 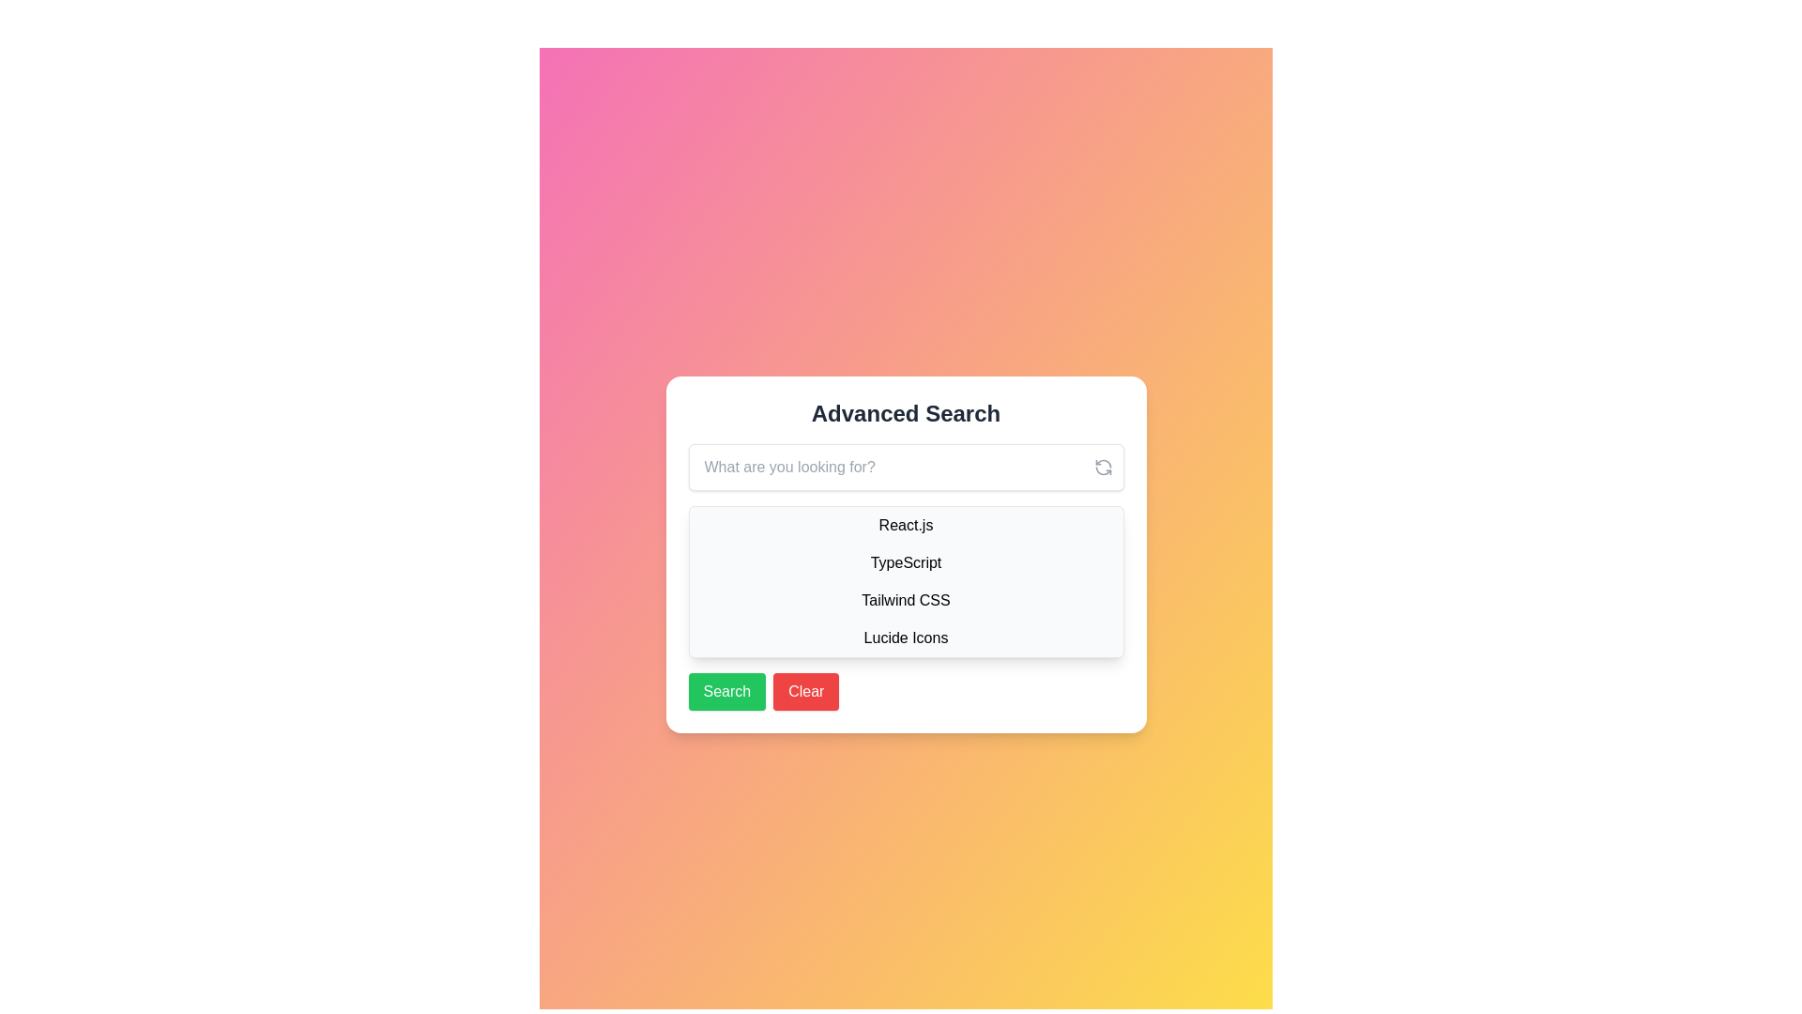 What do you see at coordinates (1103, 469) in the screenshot?
I see `the third curved vector stroke element in the icon within the search input box of the 'Advanced Search' panel` at bounding box center [1103, 469].